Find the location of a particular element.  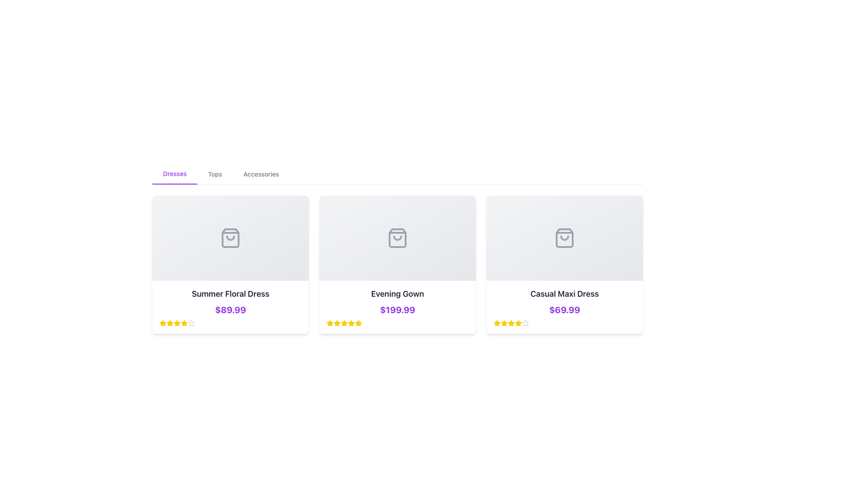

the fifth yellow star icon in the rating row beneath the product card for 'Evening Gown' to register a rating is located at coordinates (358, 323).